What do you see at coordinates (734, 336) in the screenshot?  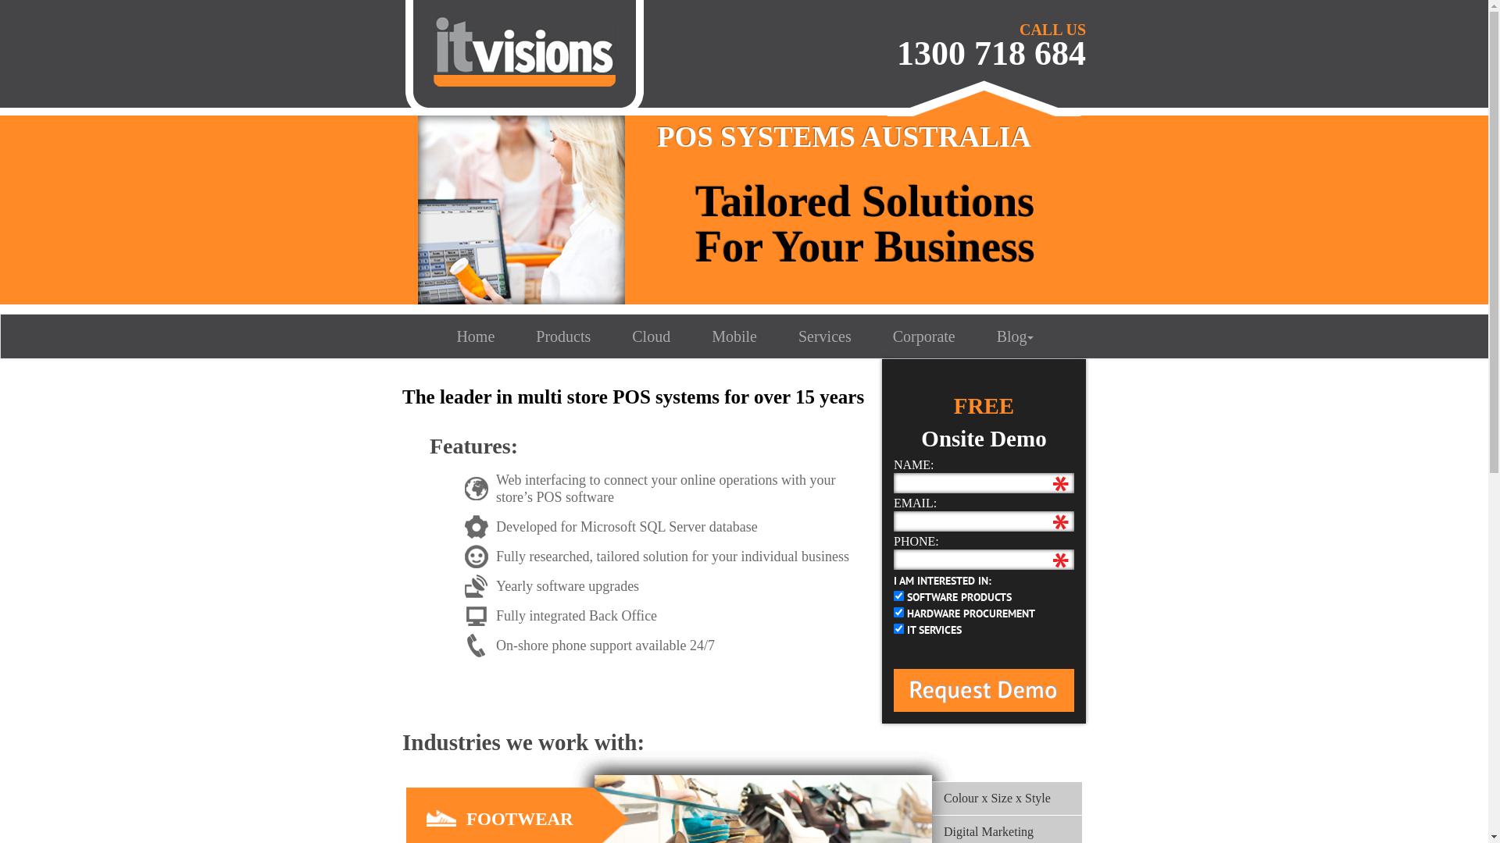 I see `'Mobile'` at bounding box center [734, 336].